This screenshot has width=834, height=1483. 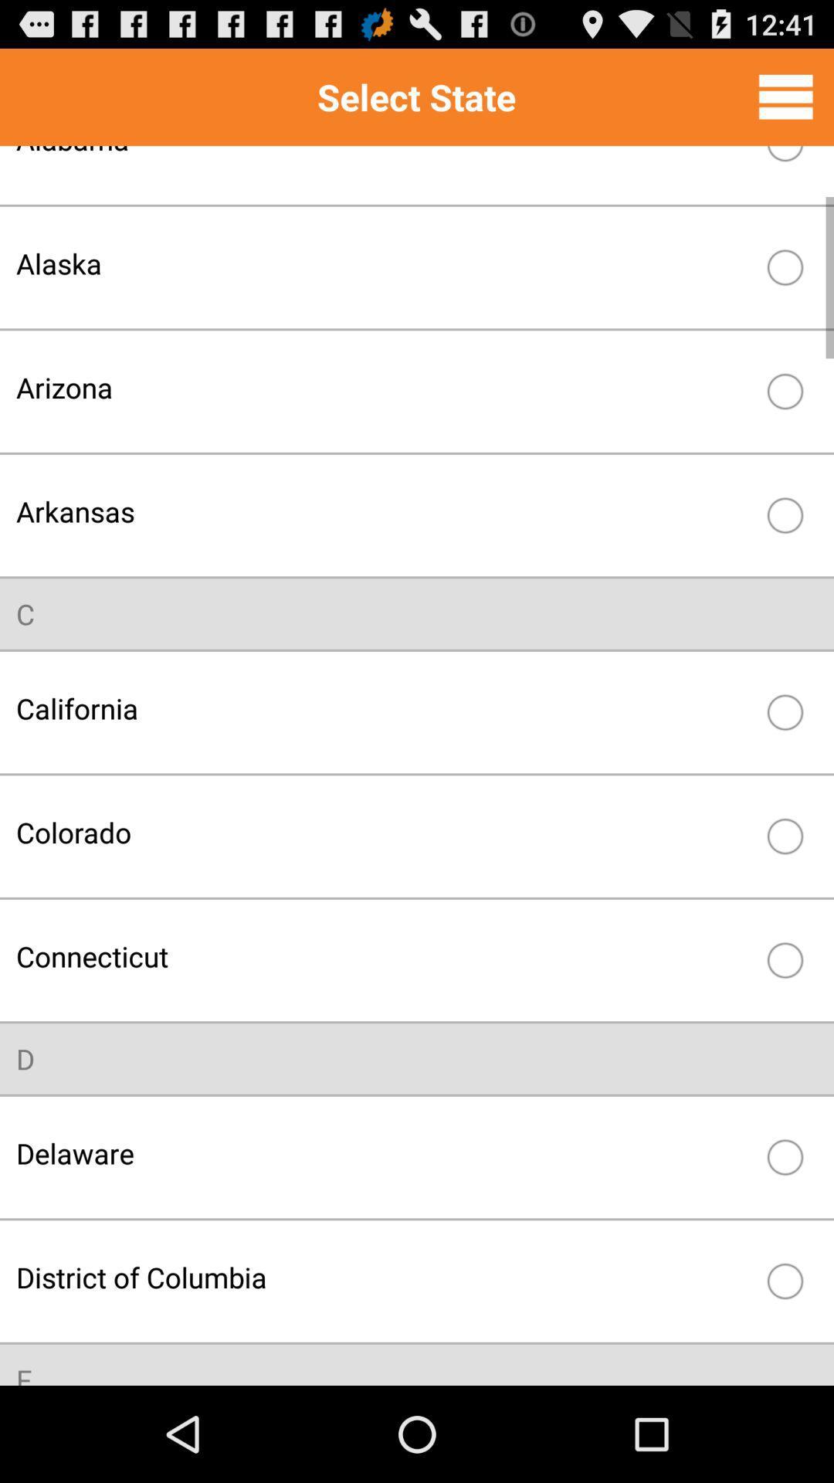 I want to click on item below d icon, so click(x=383, y=1153).